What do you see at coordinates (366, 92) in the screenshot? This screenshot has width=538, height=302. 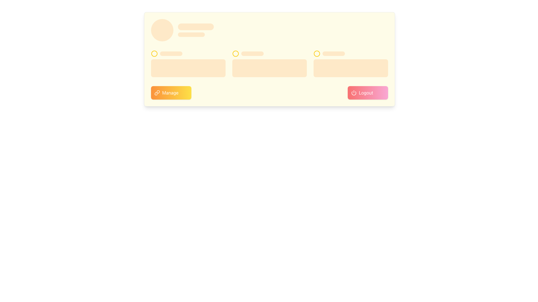 I see `the 'Logout' text label, which is displayed in white on a pink gradient background, located at the center-right of a rounded rectangle button with a power symbol` at bounding box center [366, 92].